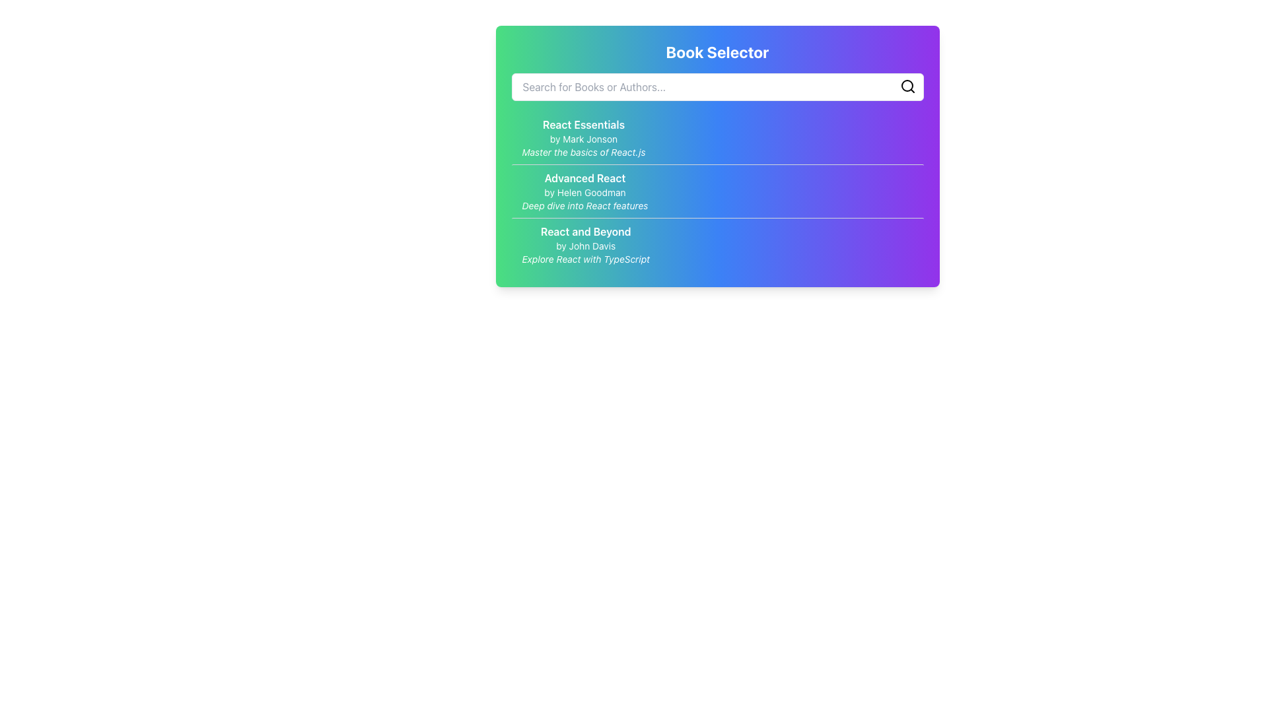 This screenshot has height=713, width=1268. I want to click on the 'Advanced React' list item, so click(717, 191).